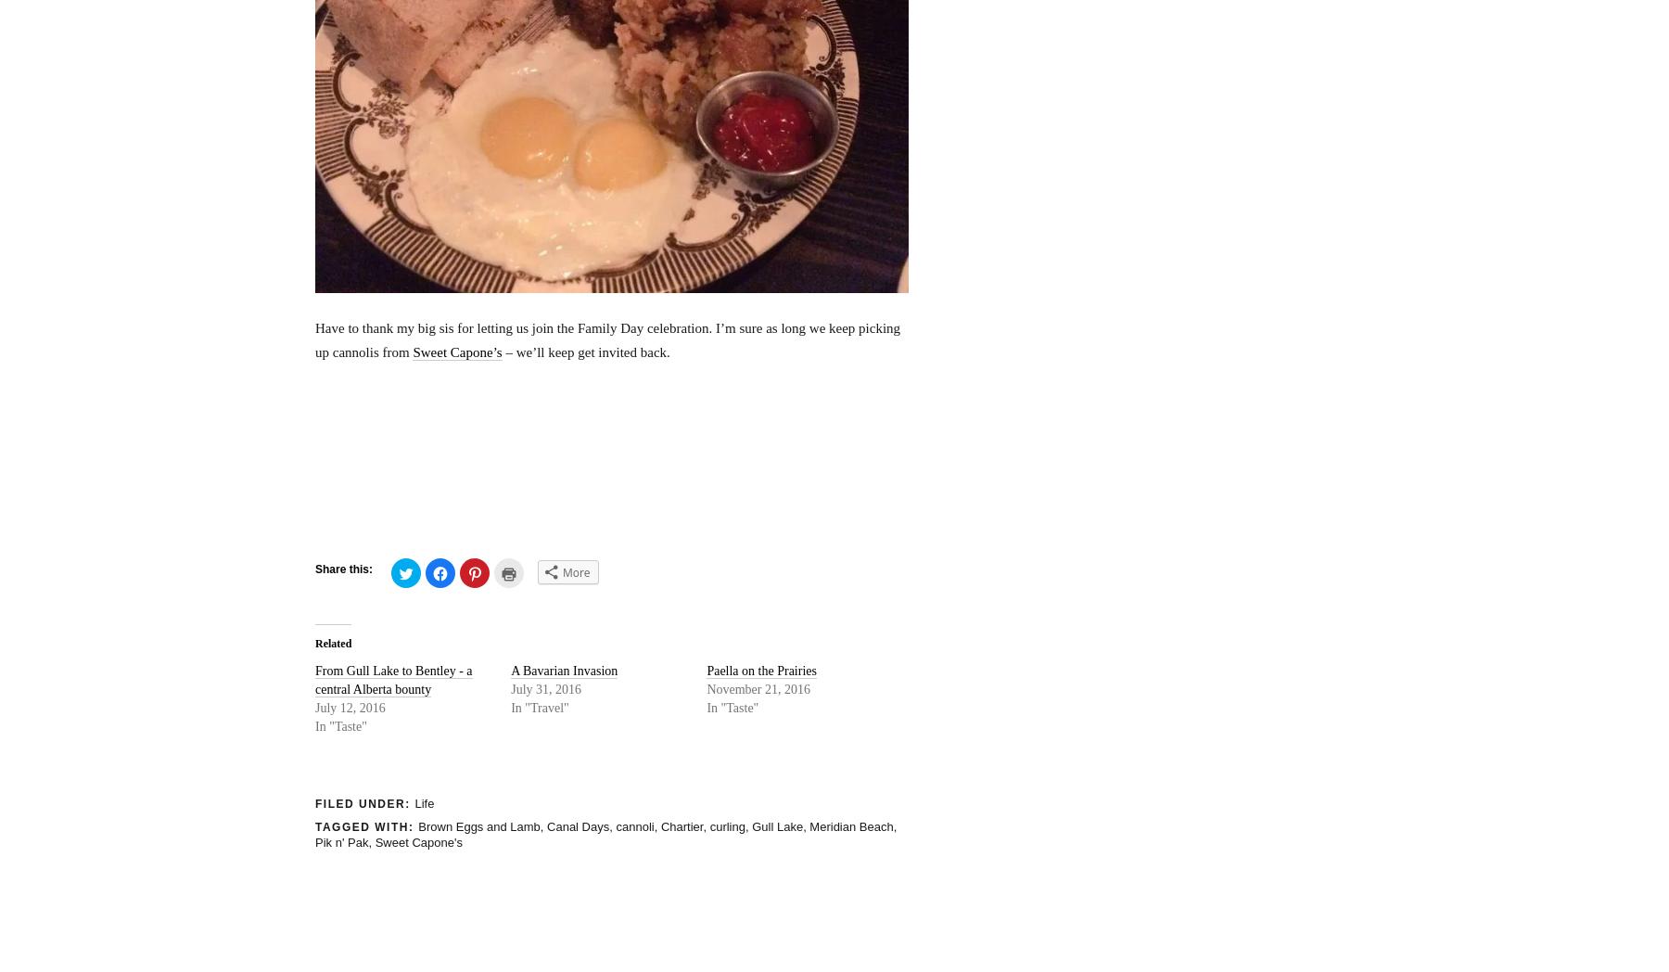 The width and height of the screenshot is (1669, 972). I want to click on 'cannoli', so click(633, 825).